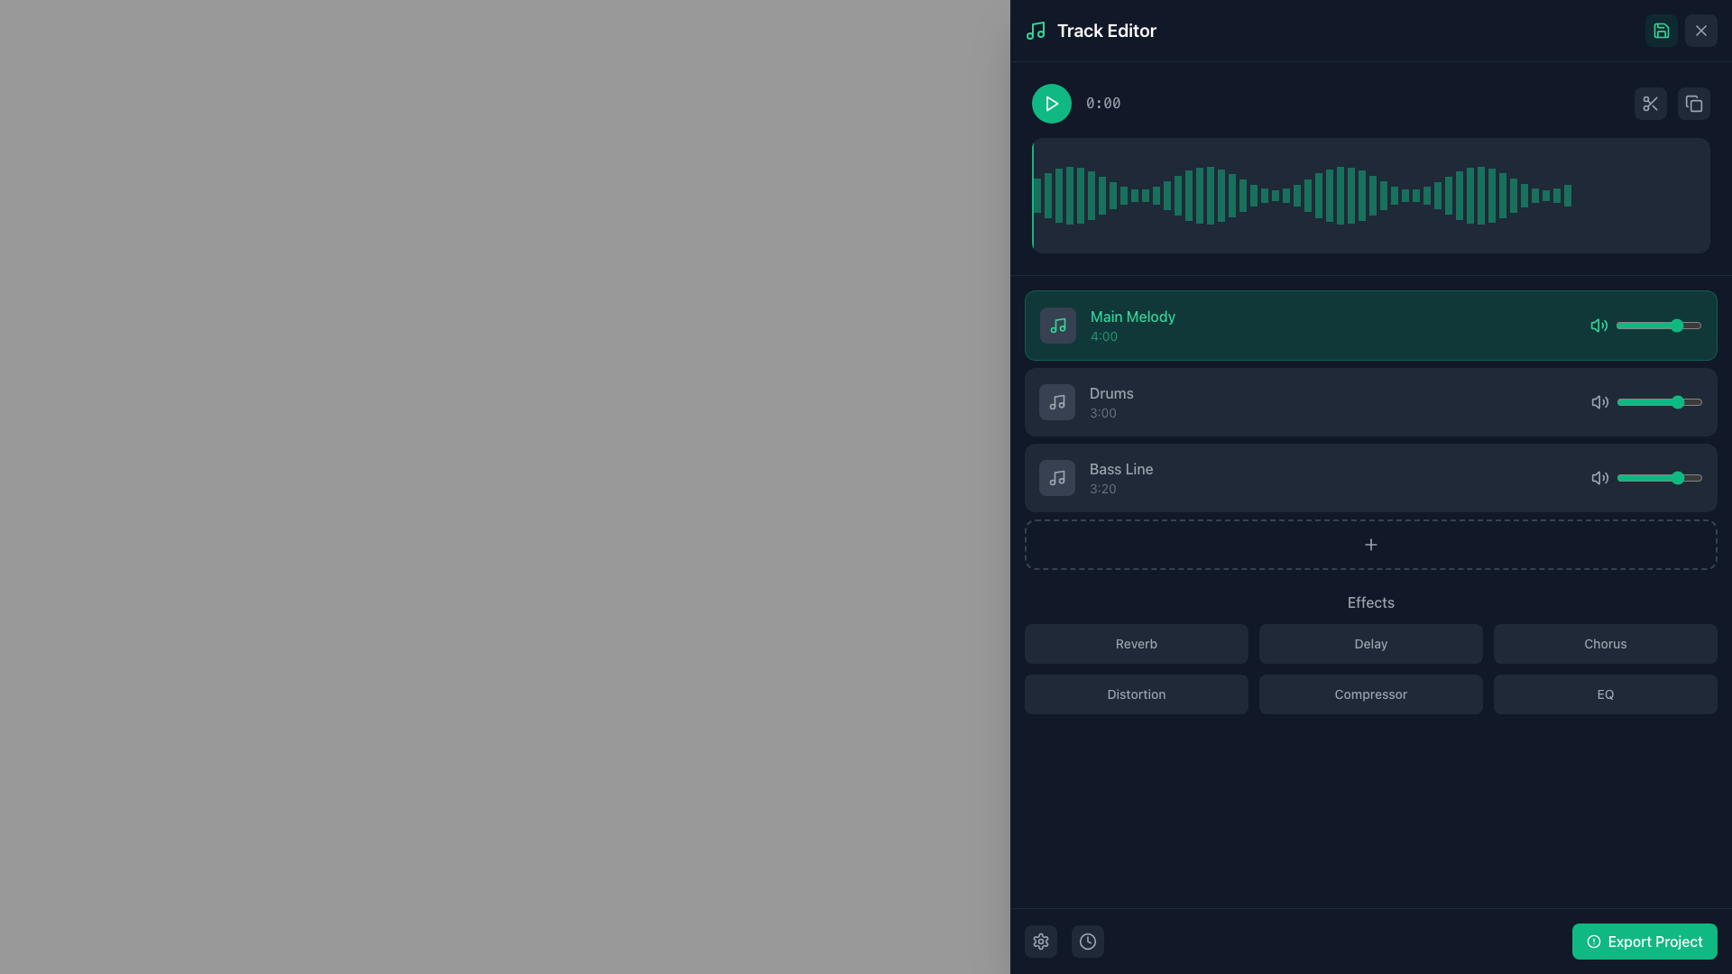  Describe the element at coordinates (1671, 104) in the screenshot. I see `the rightmost button in the top-right corner of the central interaction panel` at that location.